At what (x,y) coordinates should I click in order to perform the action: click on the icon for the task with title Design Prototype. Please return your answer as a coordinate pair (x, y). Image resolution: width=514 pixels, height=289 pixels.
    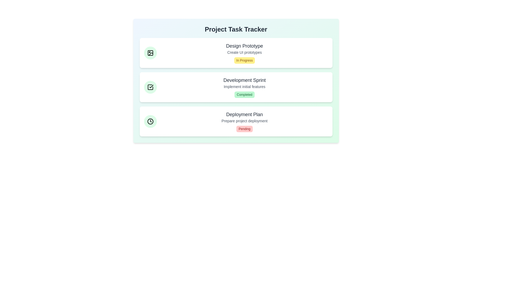
    Looking at the image, I should click on (150, 53).